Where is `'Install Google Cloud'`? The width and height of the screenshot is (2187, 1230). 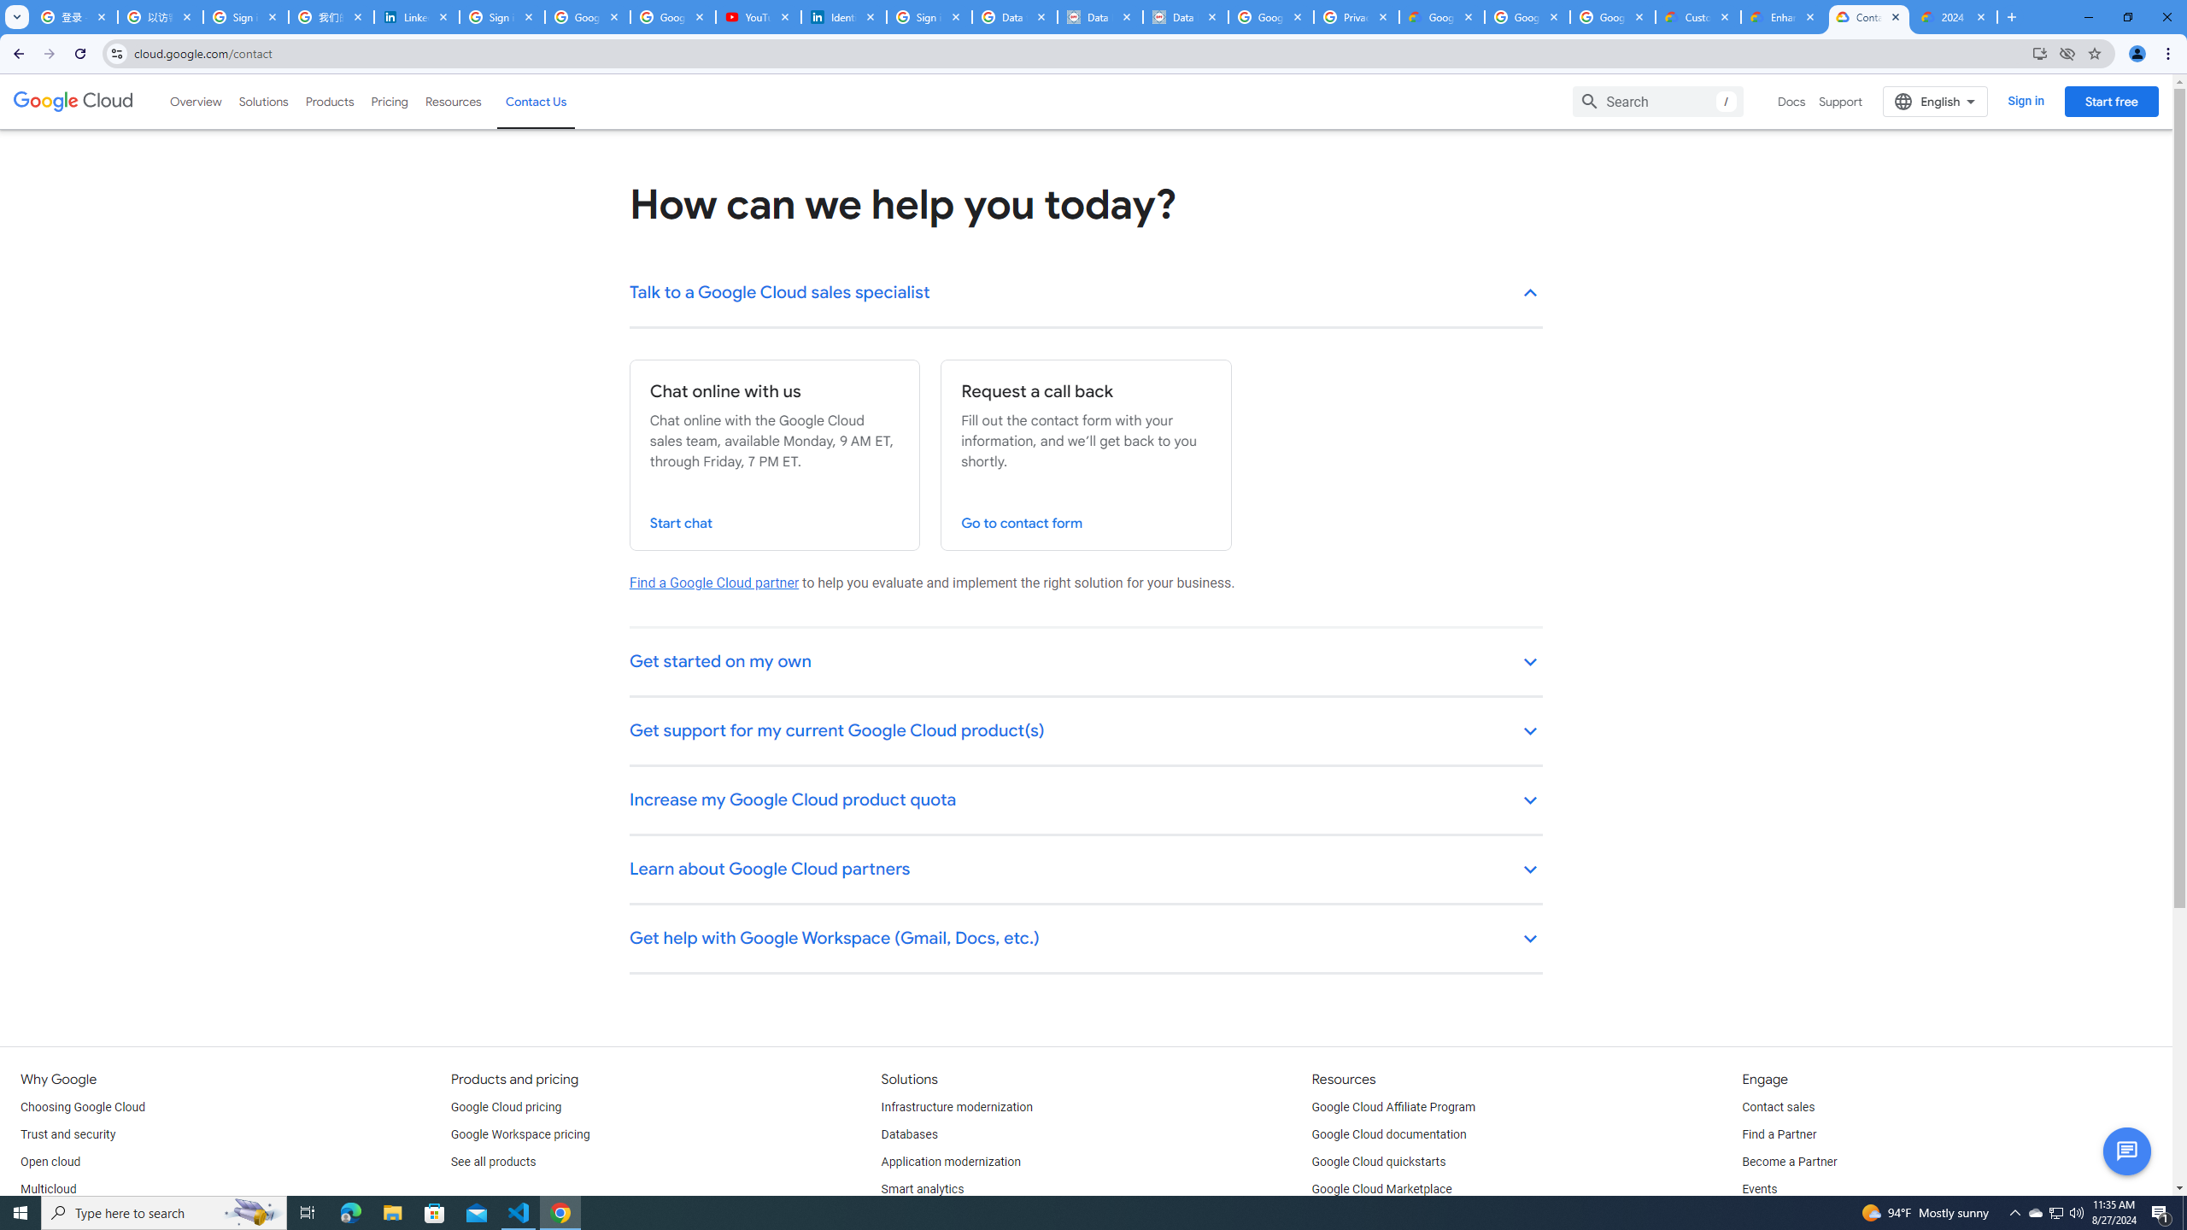
'Install Google Cloud' is located at coordinates (2040, 52).